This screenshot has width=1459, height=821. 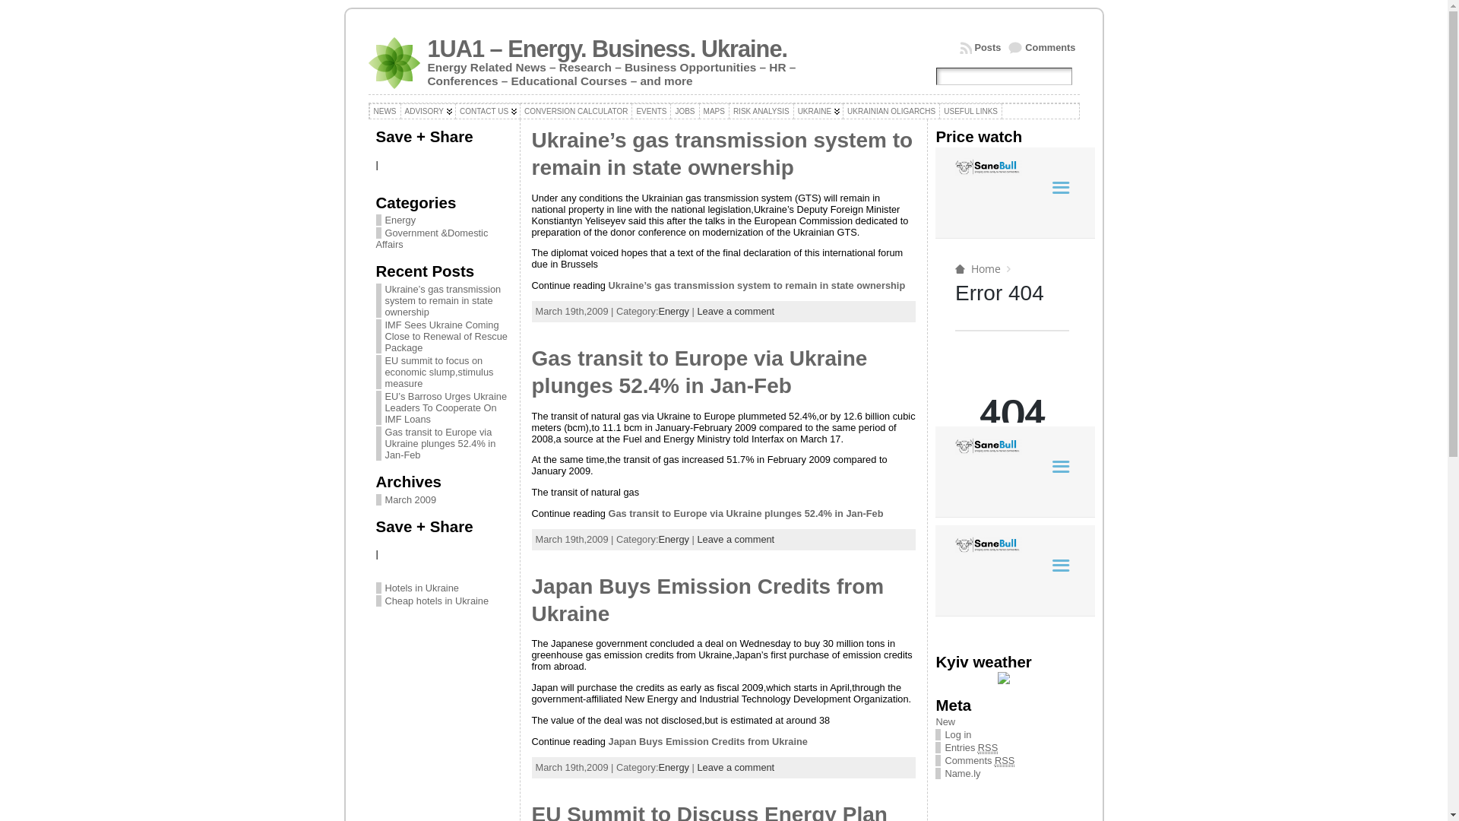 I want to click on 'Posts', so click(x=958, y=46).